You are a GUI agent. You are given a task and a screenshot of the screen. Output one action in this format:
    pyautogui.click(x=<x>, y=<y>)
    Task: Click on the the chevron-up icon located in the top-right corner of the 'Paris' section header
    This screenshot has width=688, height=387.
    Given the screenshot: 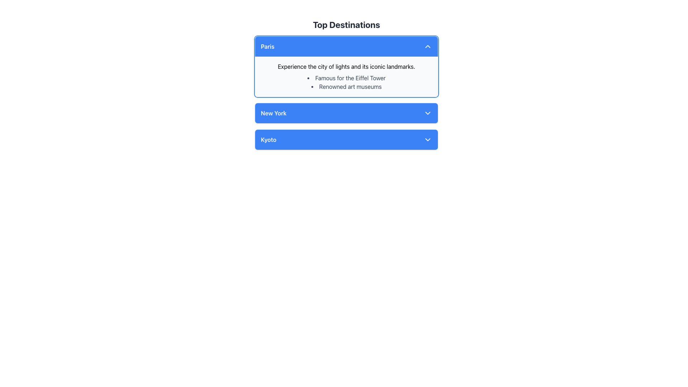 What is the action you would take?
    pyautogui.click(x=428, y=47)
    